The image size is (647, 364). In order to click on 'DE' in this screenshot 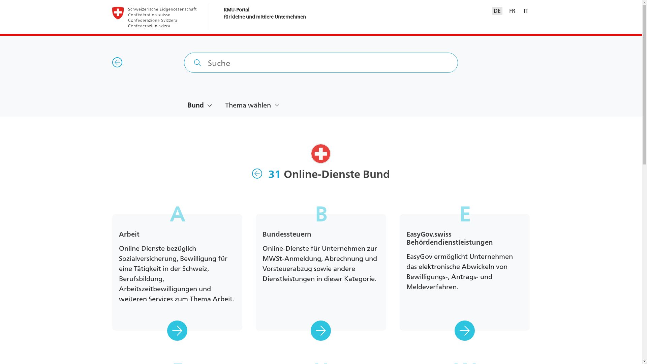, I will do `click(497, 10)`.